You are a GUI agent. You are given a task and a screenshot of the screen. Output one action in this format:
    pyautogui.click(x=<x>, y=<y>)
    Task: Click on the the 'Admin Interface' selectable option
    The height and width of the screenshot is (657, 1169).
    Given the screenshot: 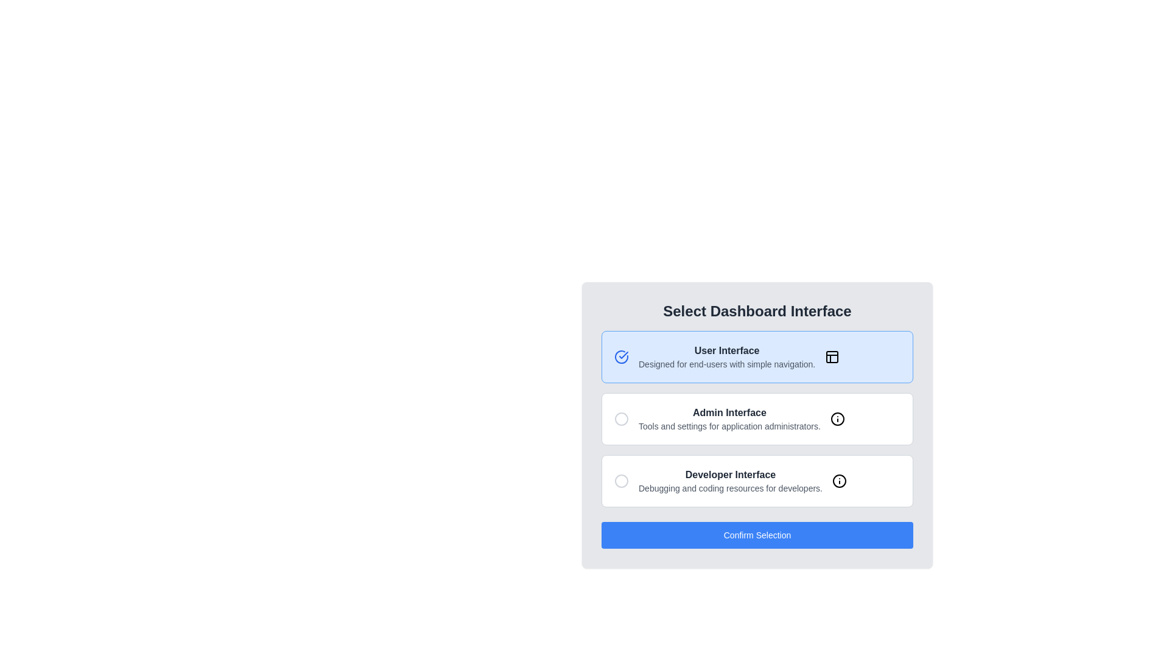 What is the action you would take?
    pyautogui.click(x=756, y=419)
    